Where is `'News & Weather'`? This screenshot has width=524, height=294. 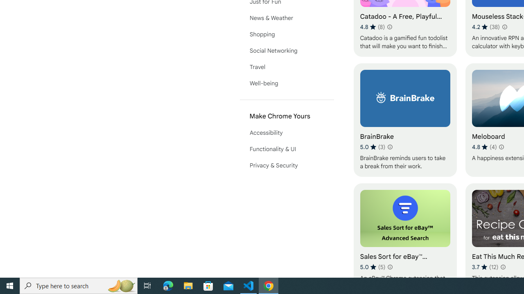
'News & Weather' is located at coordinates (287, 18).